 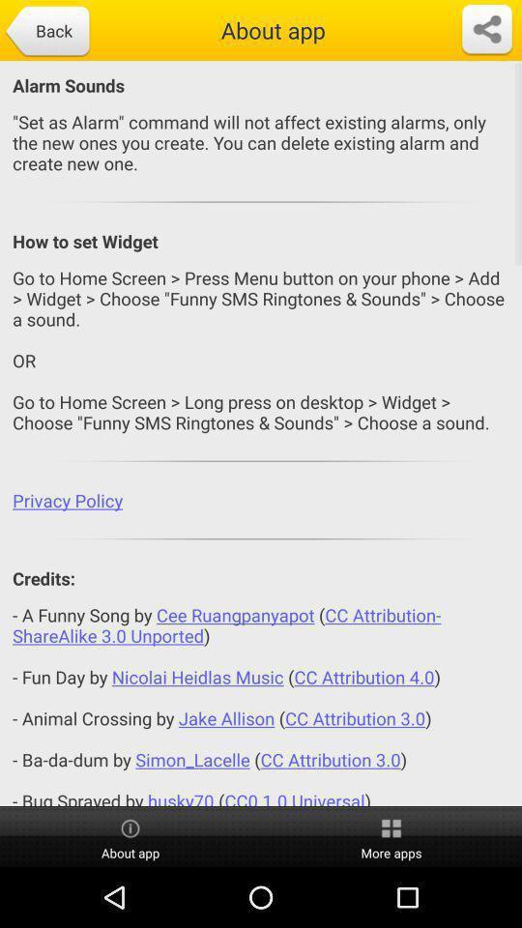 What do you see at coordinates (391, 836) in the screenshot?
I see `the more apps icon` at bounding box center [391, 836].